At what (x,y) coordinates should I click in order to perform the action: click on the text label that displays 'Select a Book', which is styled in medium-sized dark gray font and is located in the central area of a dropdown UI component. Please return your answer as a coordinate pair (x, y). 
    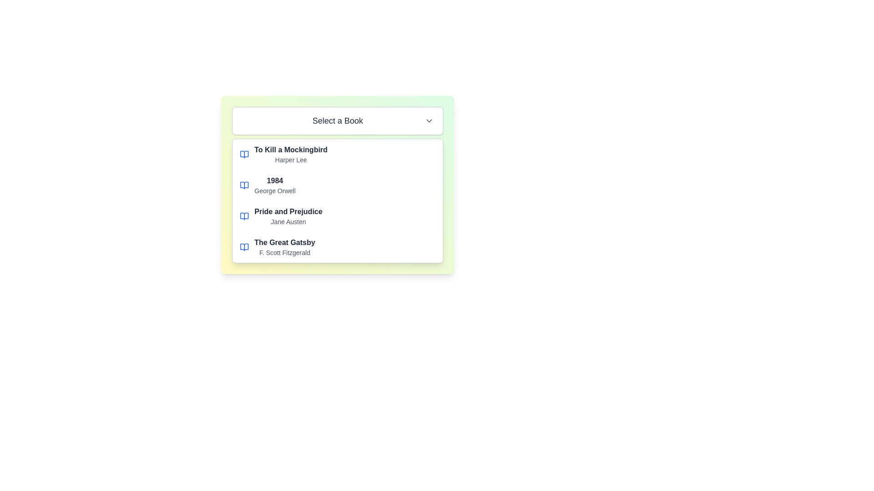
    Looking at the image, I should click on (337, 120).